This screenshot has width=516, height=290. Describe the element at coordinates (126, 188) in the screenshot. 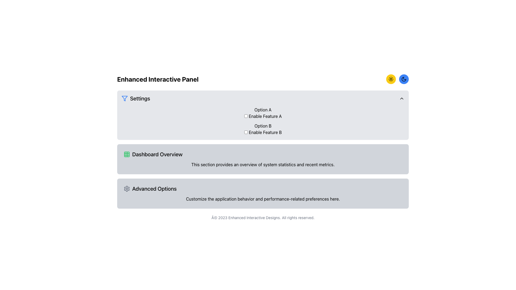

I see `the cog-shaped icon representing settings, located in the top-right corner of the interface` at that location.